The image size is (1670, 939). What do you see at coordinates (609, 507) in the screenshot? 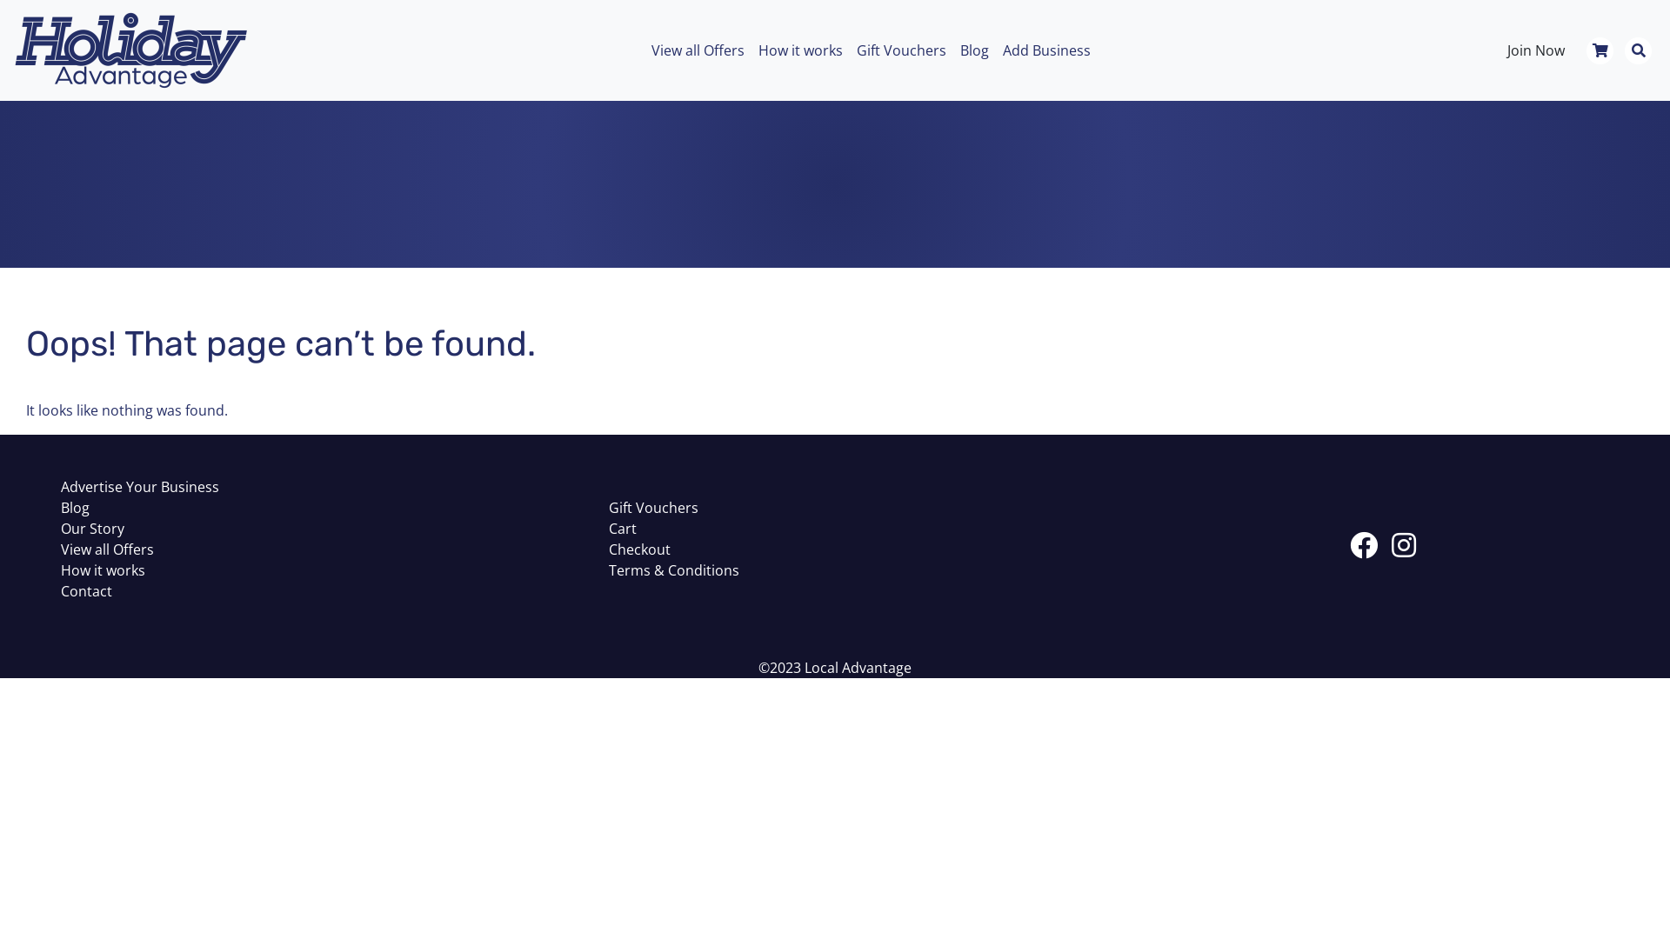
I see `'Gift Vouchers'` at bounding box center [609, 507].